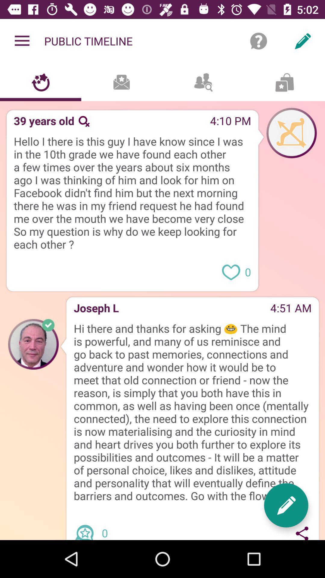  What do you see at coordinates (194, 310) in the screenshot?
I see `the item next to joseph l item` at bounding box center [194, 310].